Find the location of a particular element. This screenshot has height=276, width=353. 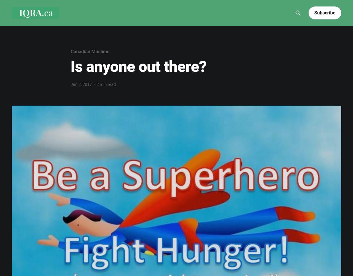

'Real Lives' is located at coordinates (85, 21).